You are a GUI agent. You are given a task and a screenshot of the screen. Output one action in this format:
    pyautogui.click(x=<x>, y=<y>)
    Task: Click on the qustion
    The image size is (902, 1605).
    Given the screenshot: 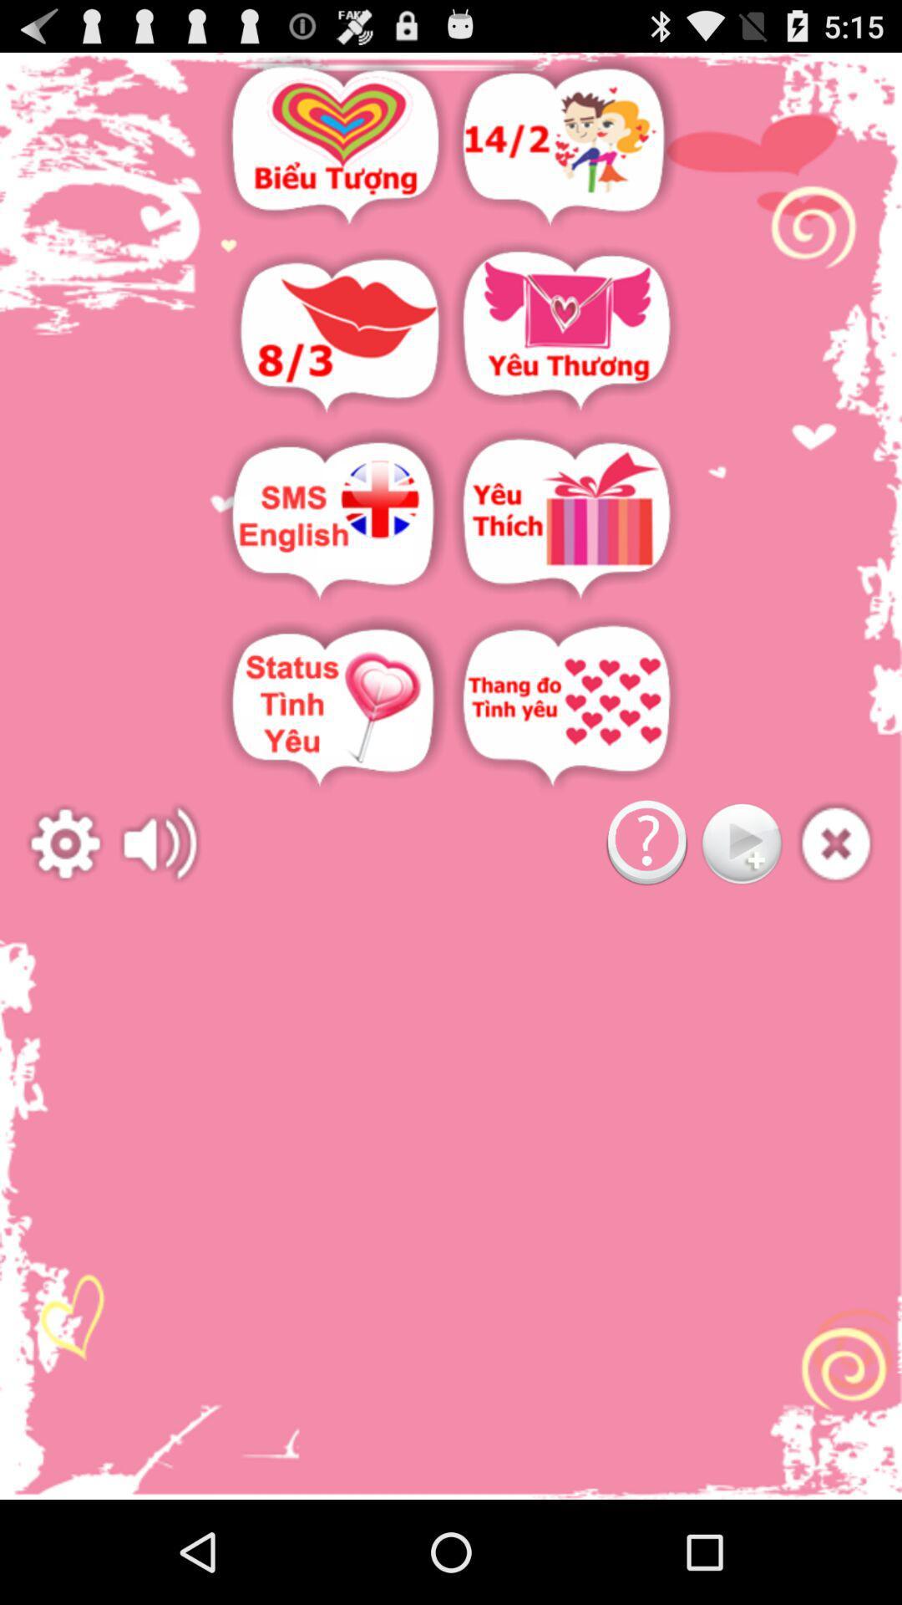 What is the action you would take?
    pyautogui.click(x=646, y=843)
    